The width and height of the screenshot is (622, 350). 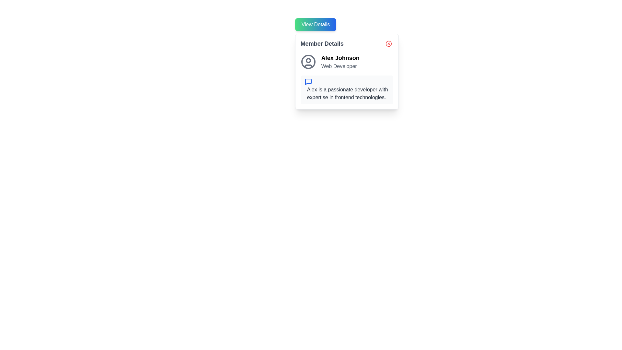 What do you see at coordinates (308, 82) in the screenshot?
I see `the messaging icon located at the top left corner of the descriptive text area under the 'Alex Johnson' title` at bounding box center [308, 82].